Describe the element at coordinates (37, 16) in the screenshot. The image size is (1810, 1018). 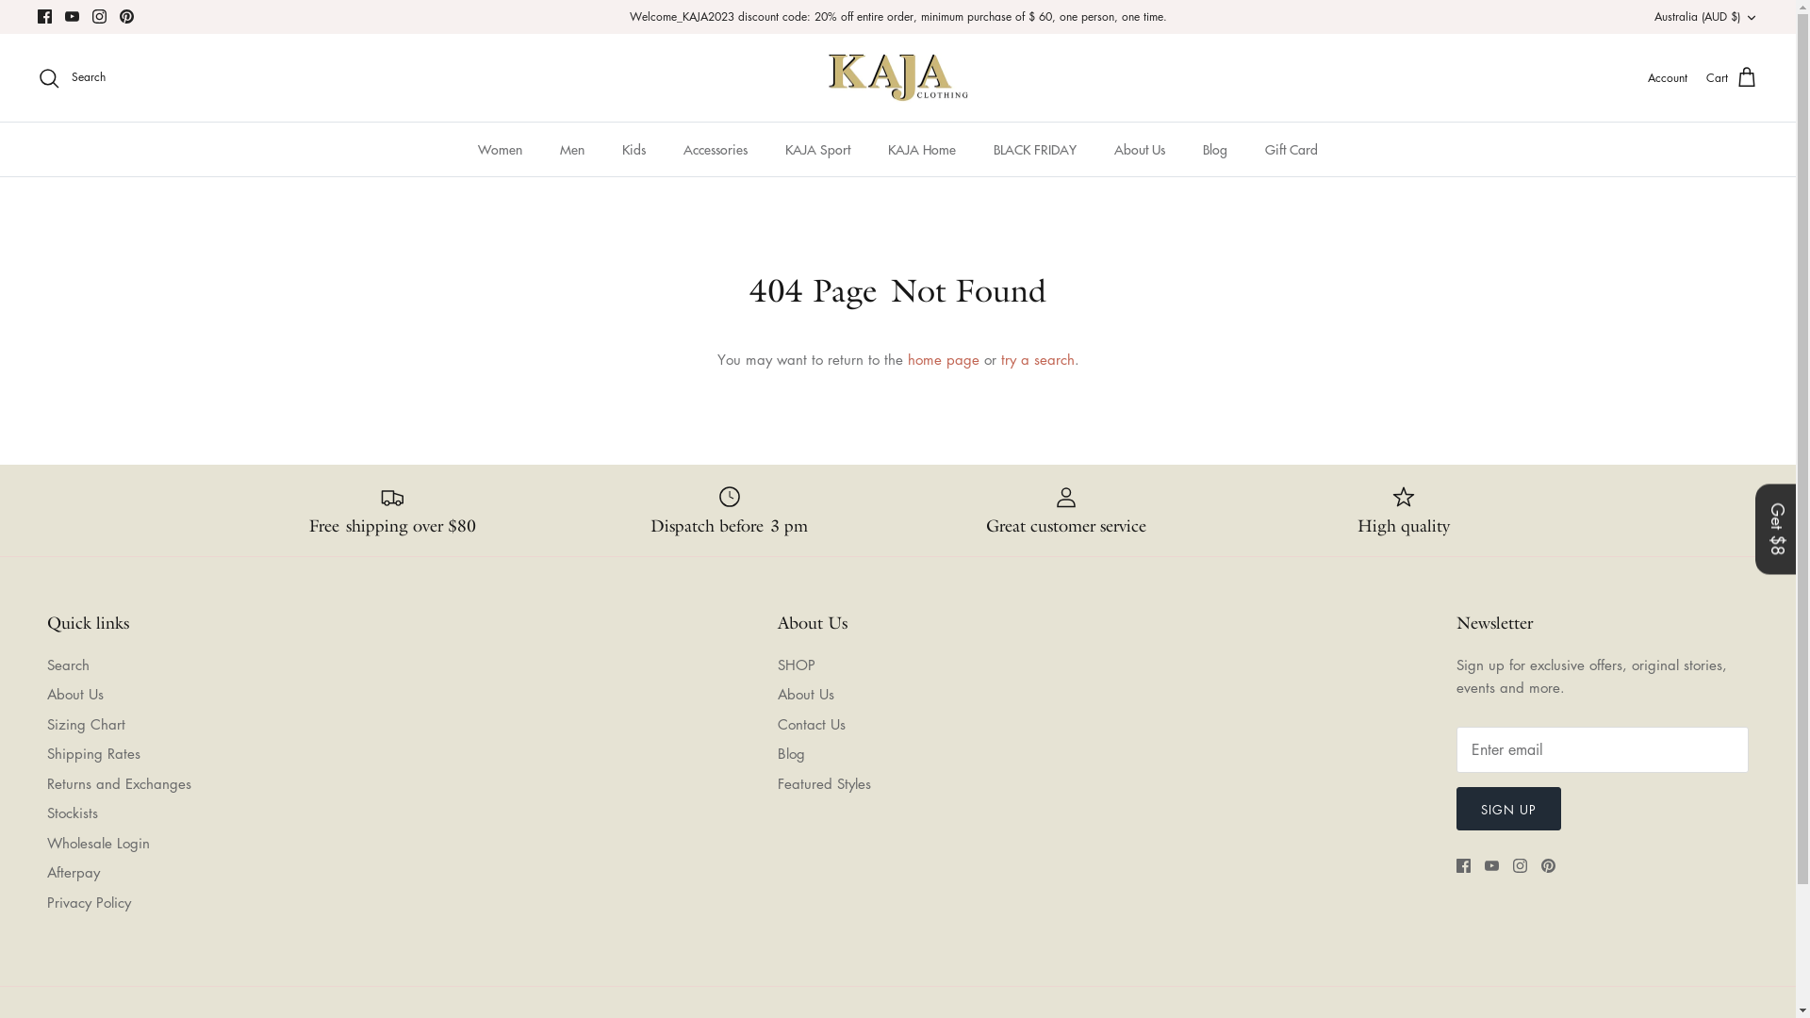
I see `'Facebook'` at that location.